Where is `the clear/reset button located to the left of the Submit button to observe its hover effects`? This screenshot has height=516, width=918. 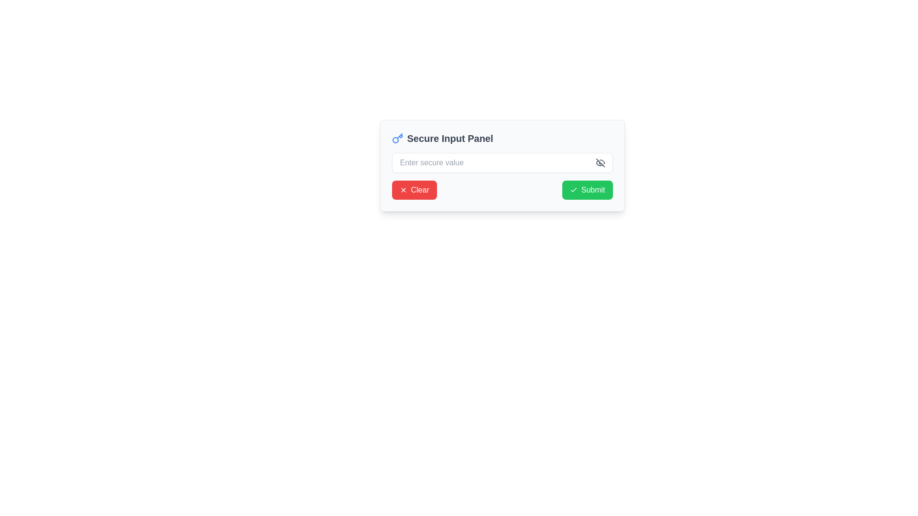 the clear/reset button located to the left of the Submit button to observe its hover effects is located at coordinates (414, 190).